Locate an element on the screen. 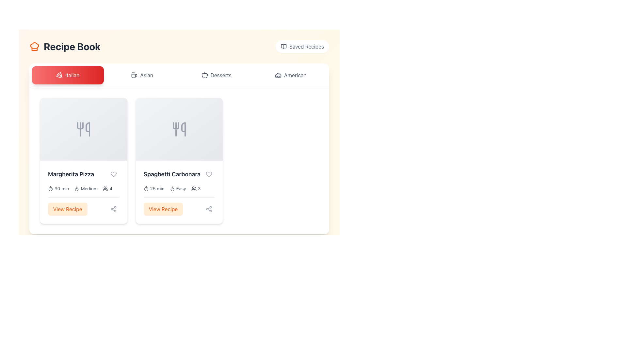  the minimalistic sandwich icon located to the left of the text 'American' in the navigation menu is located at coordinates (278, 75).